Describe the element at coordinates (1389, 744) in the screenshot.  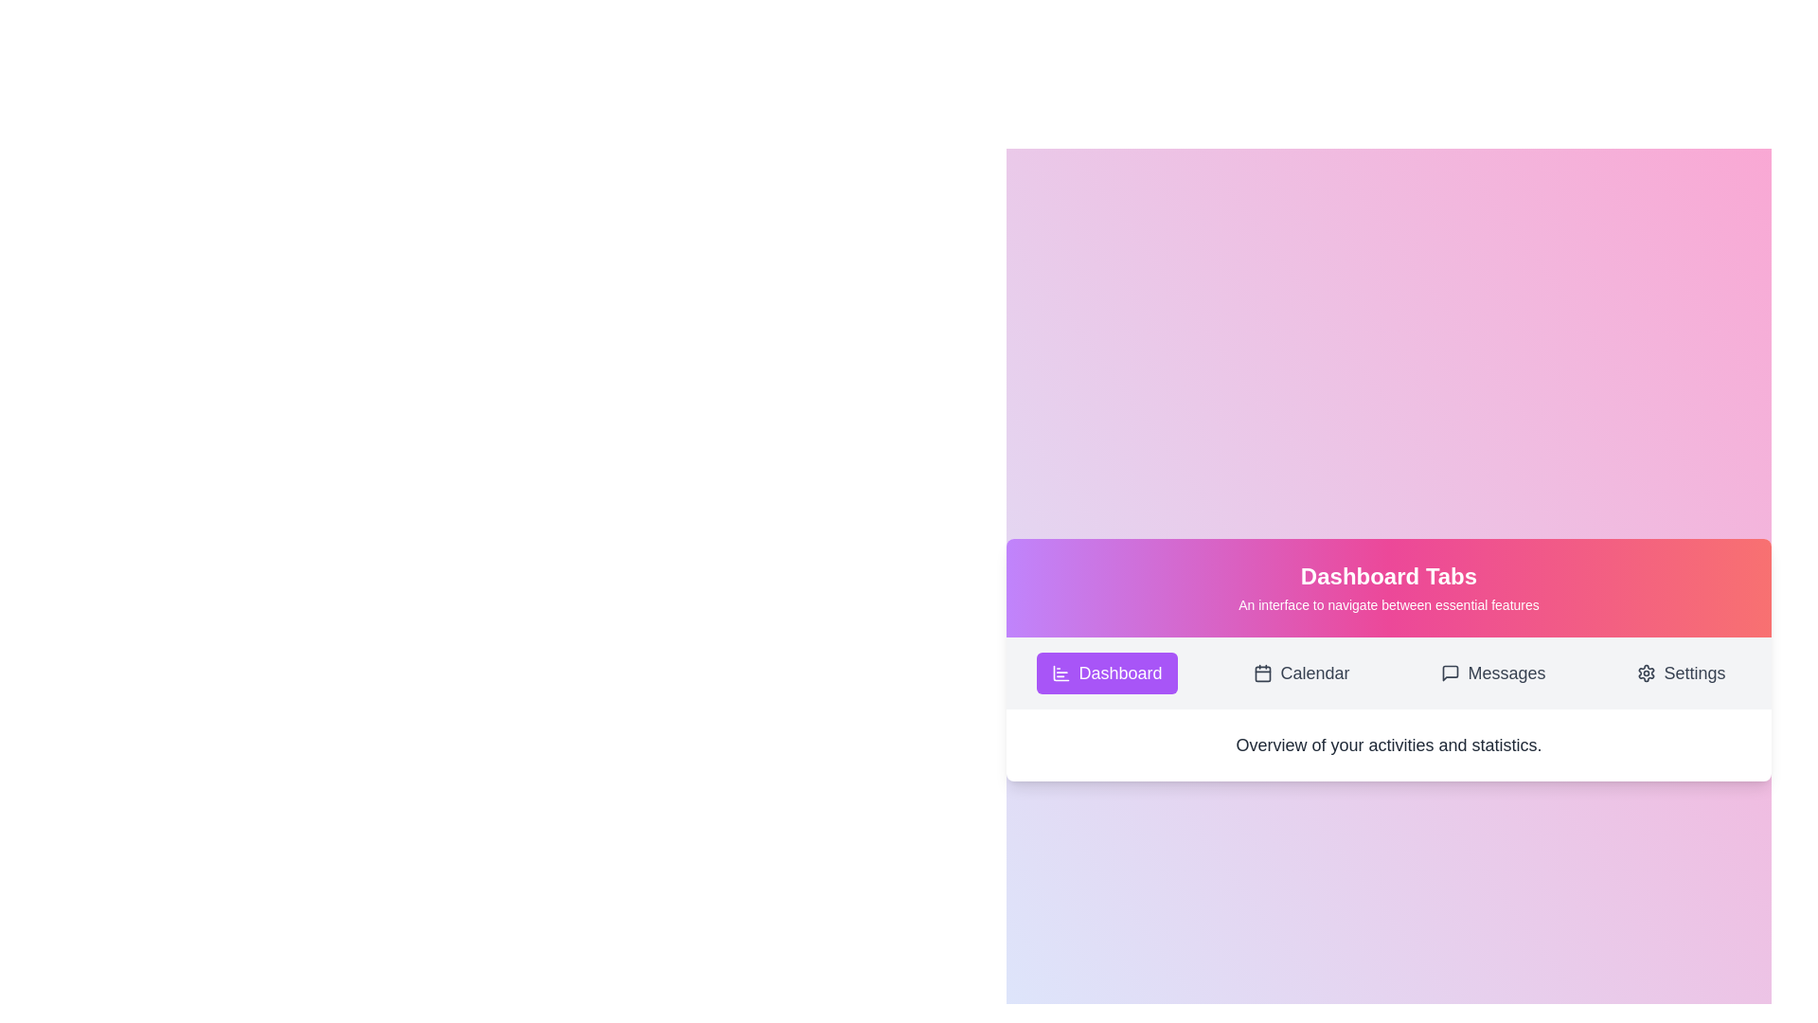
I see `the descriptive summary text located below the navigation bar to possibly trigger a tooltip` at that location.